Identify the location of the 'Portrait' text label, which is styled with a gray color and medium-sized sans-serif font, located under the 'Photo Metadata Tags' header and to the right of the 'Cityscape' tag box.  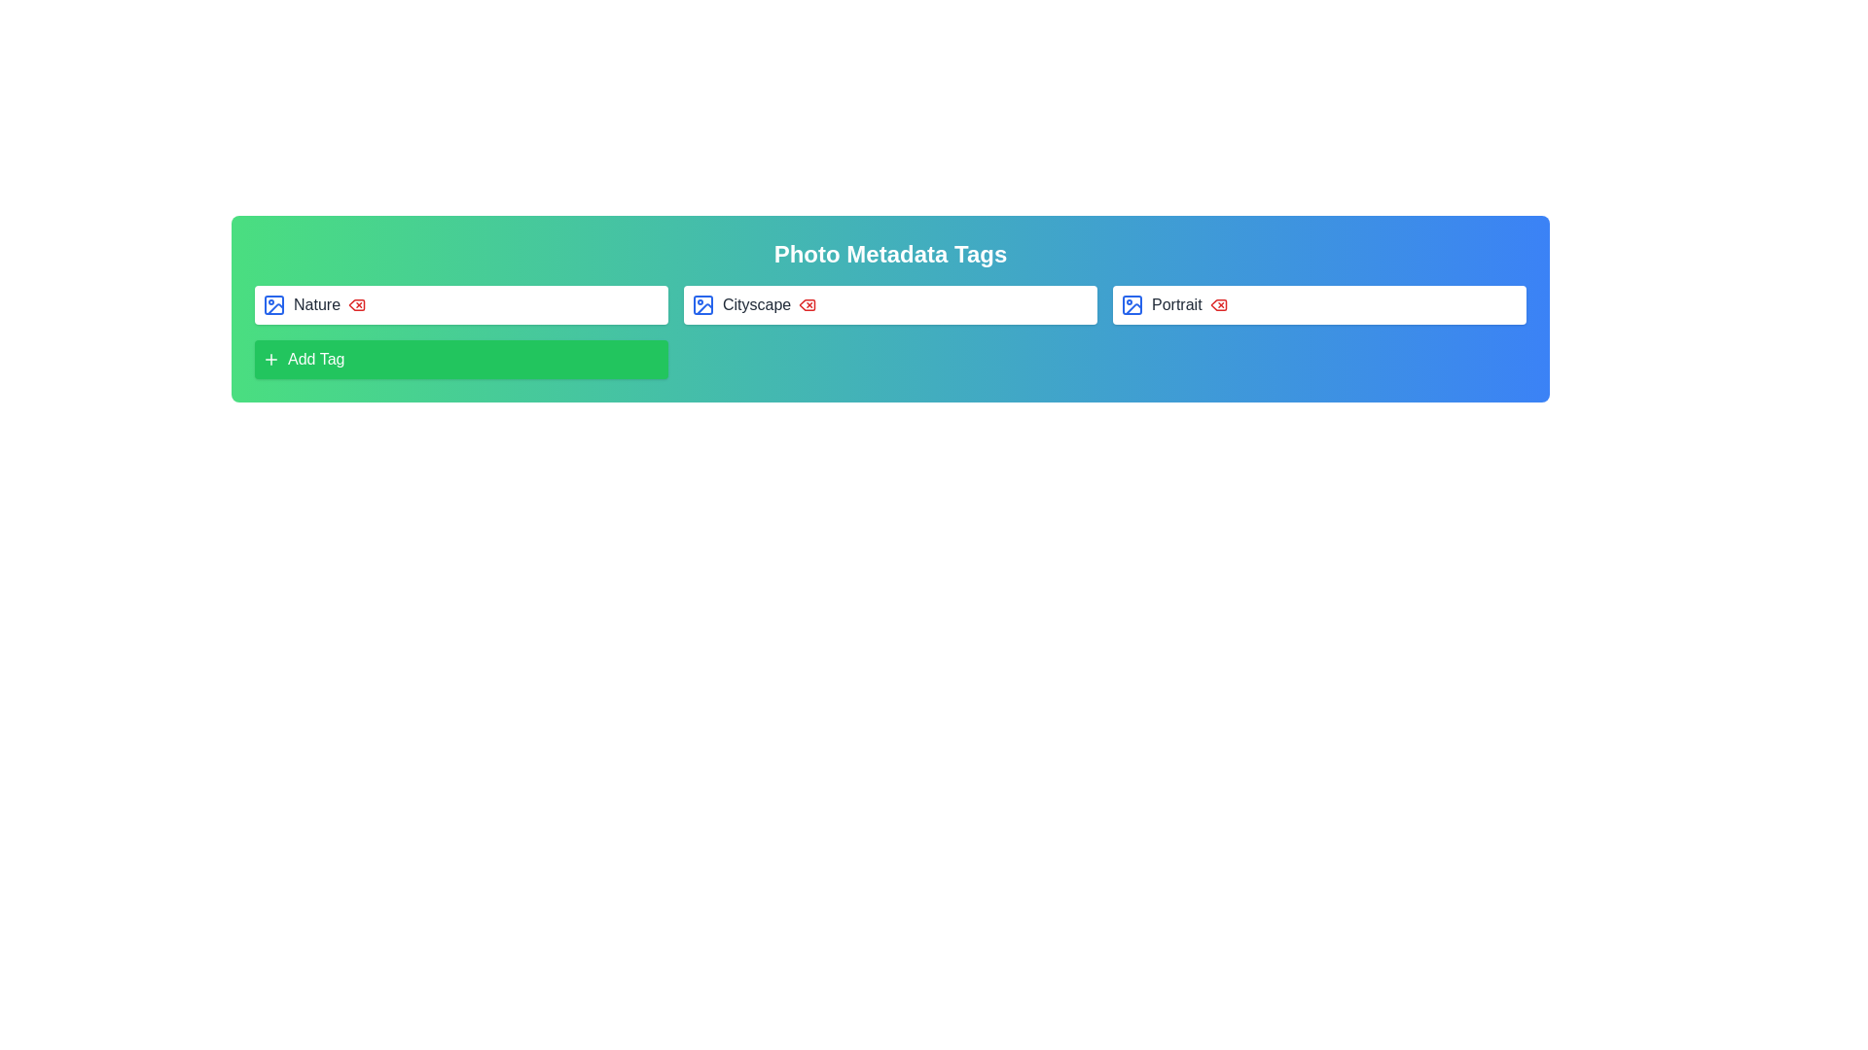
(1175, 304).